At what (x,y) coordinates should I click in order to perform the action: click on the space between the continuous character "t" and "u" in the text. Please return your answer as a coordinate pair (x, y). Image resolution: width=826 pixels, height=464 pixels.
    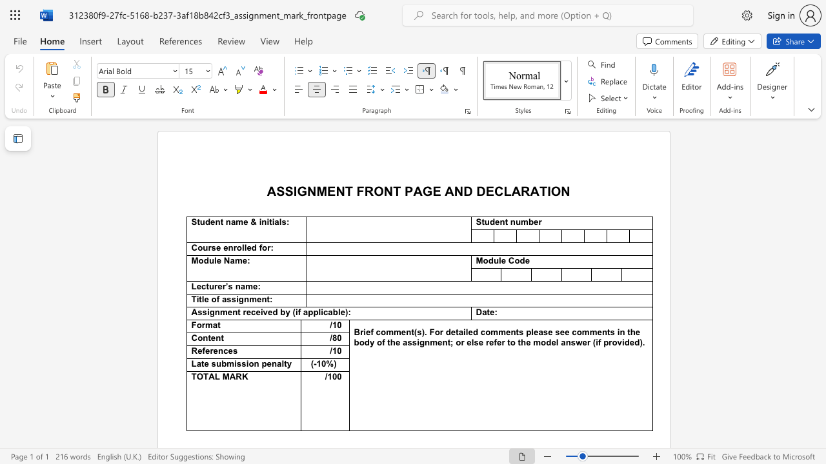
    Looking at the image, I should click on (199, 221).